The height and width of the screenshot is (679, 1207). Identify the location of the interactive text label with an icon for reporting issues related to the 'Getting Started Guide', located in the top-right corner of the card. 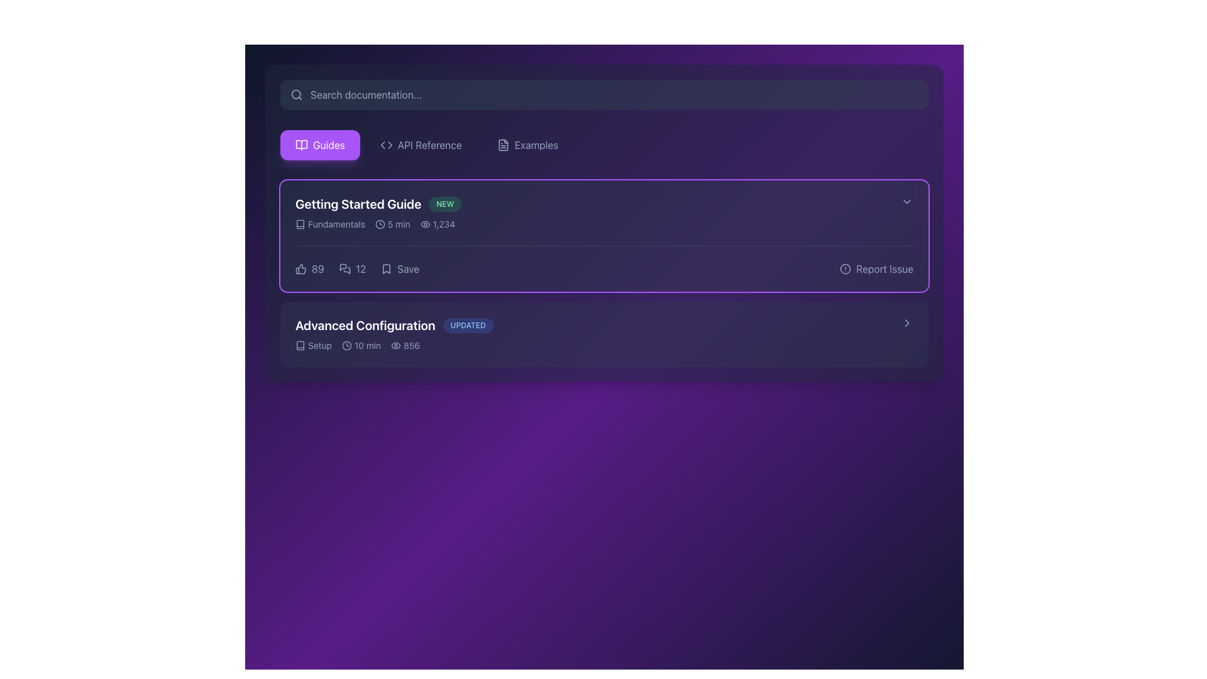
(876, 268).